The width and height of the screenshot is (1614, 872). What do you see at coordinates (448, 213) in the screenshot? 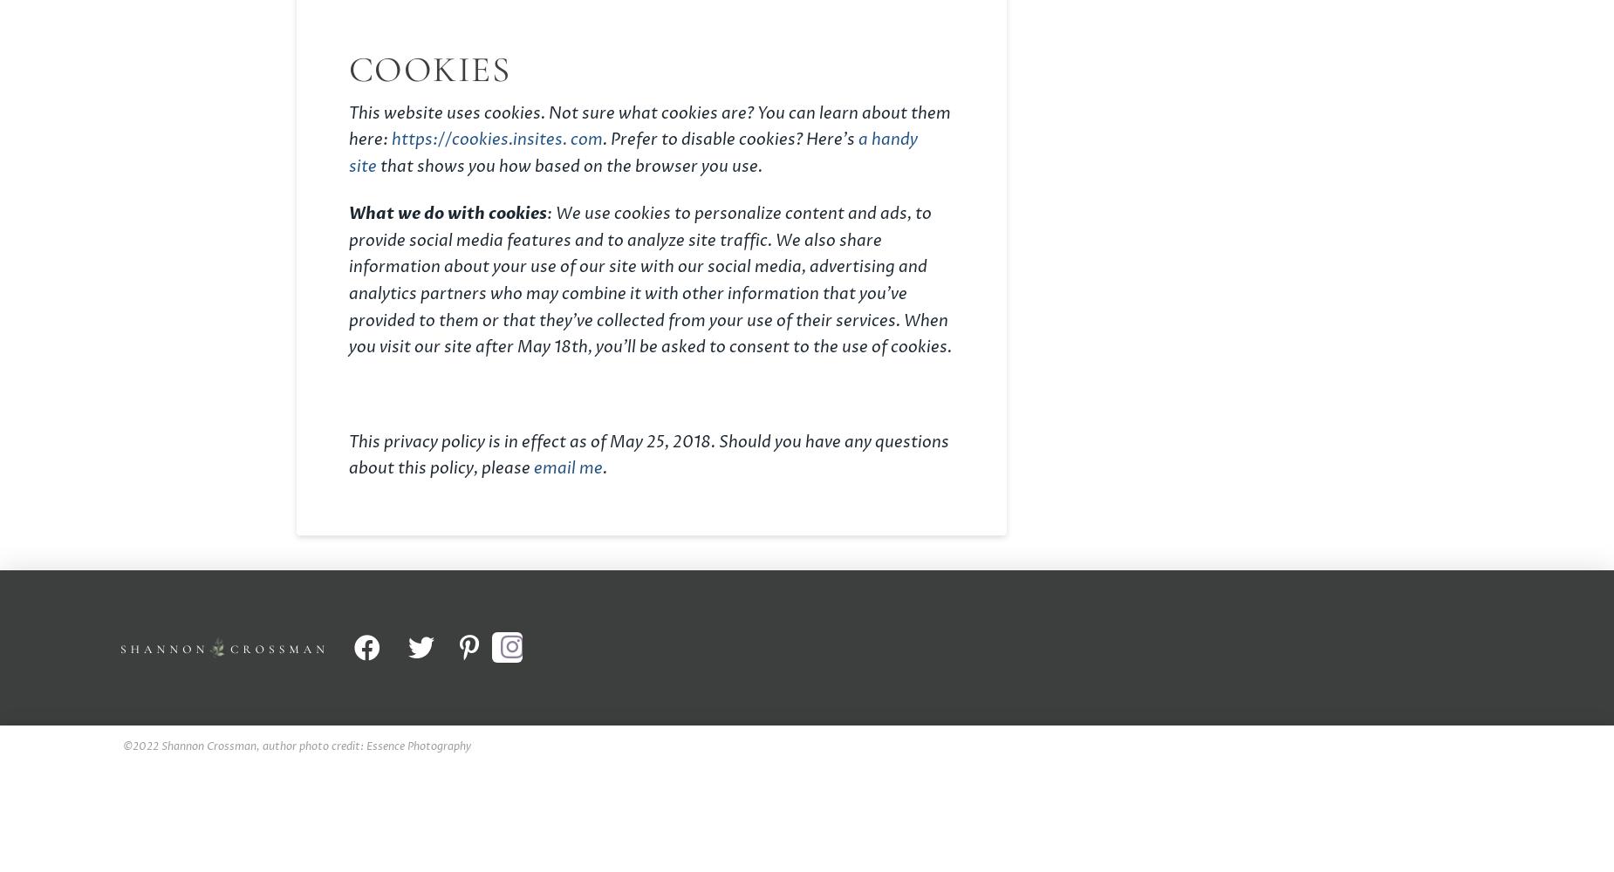
I see `'What we do with cookies'` at bounding box center [448, 213].